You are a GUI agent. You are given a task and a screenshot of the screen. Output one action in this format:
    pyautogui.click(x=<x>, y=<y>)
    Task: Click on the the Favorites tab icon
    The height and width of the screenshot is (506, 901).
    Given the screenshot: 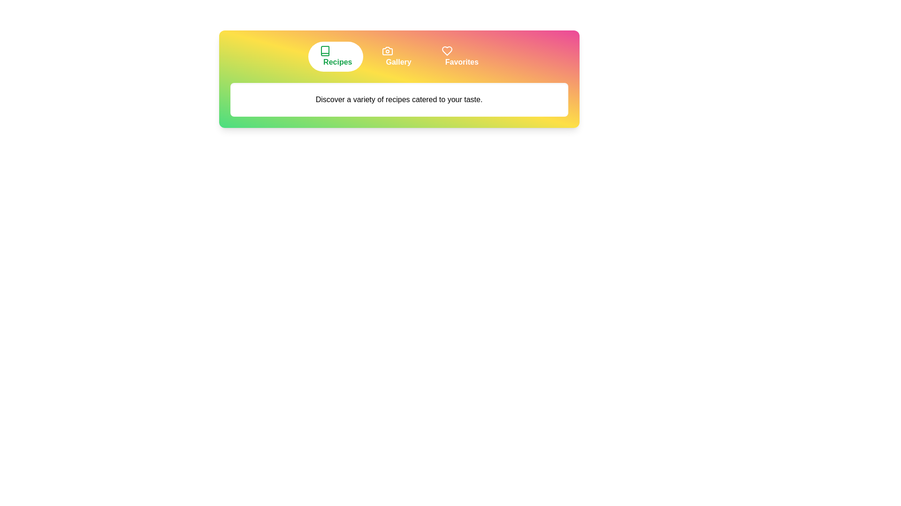 What is the action you would take?
    pyautogui.click(x=460, y=56)
    